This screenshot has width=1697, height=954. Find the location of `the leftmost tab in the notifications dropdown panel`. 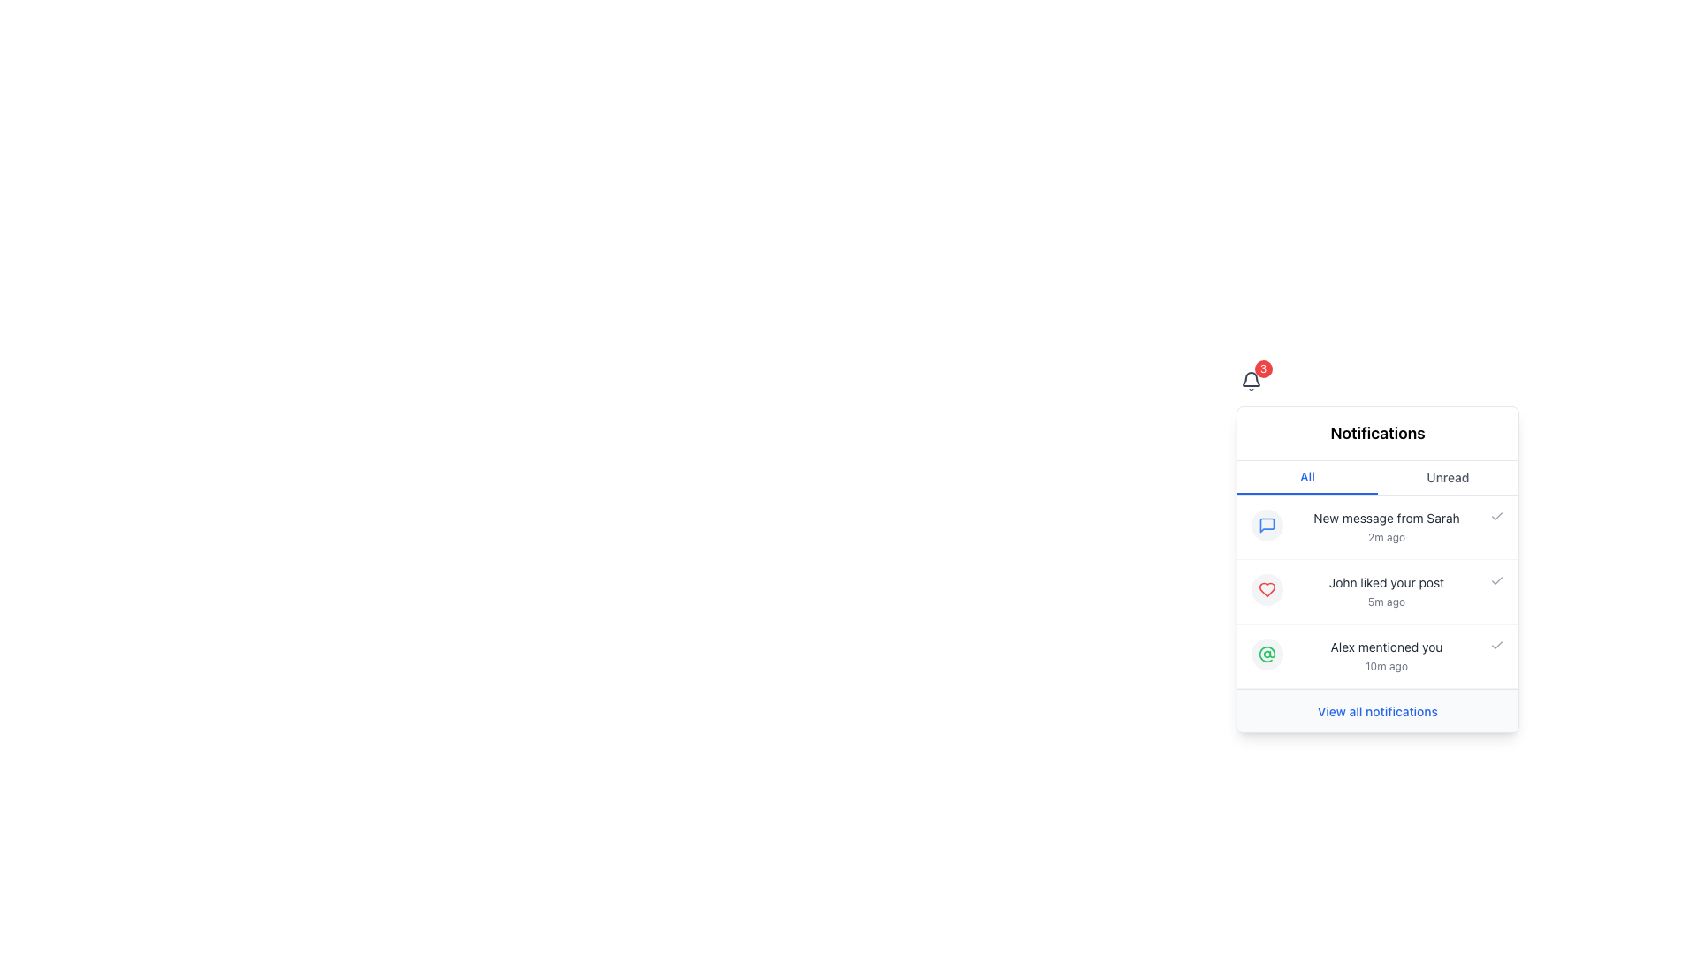

the leftmost tab in the notifications dropdown panel is located at coordinates (1307, 477).